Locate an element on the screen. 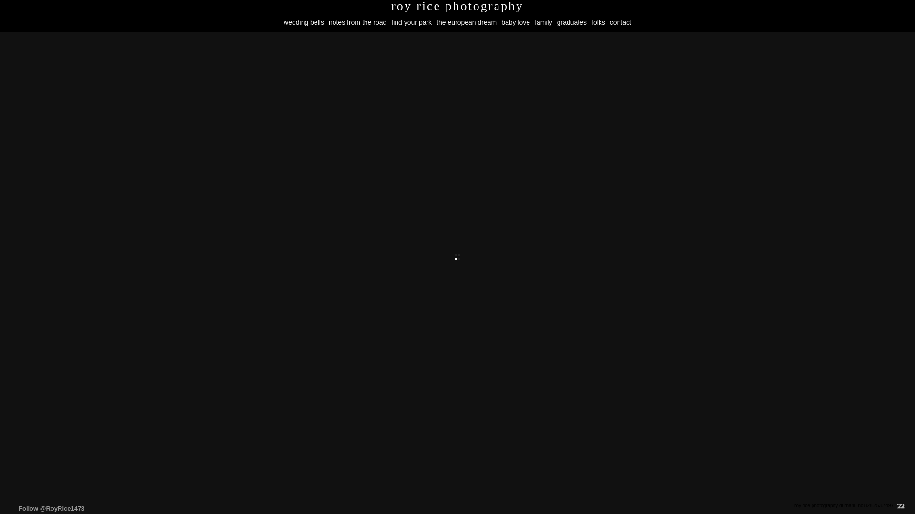 This screenshot has height=514, width=915. 'Follow @RoyRice1473' is located at coordinates (51, 508).